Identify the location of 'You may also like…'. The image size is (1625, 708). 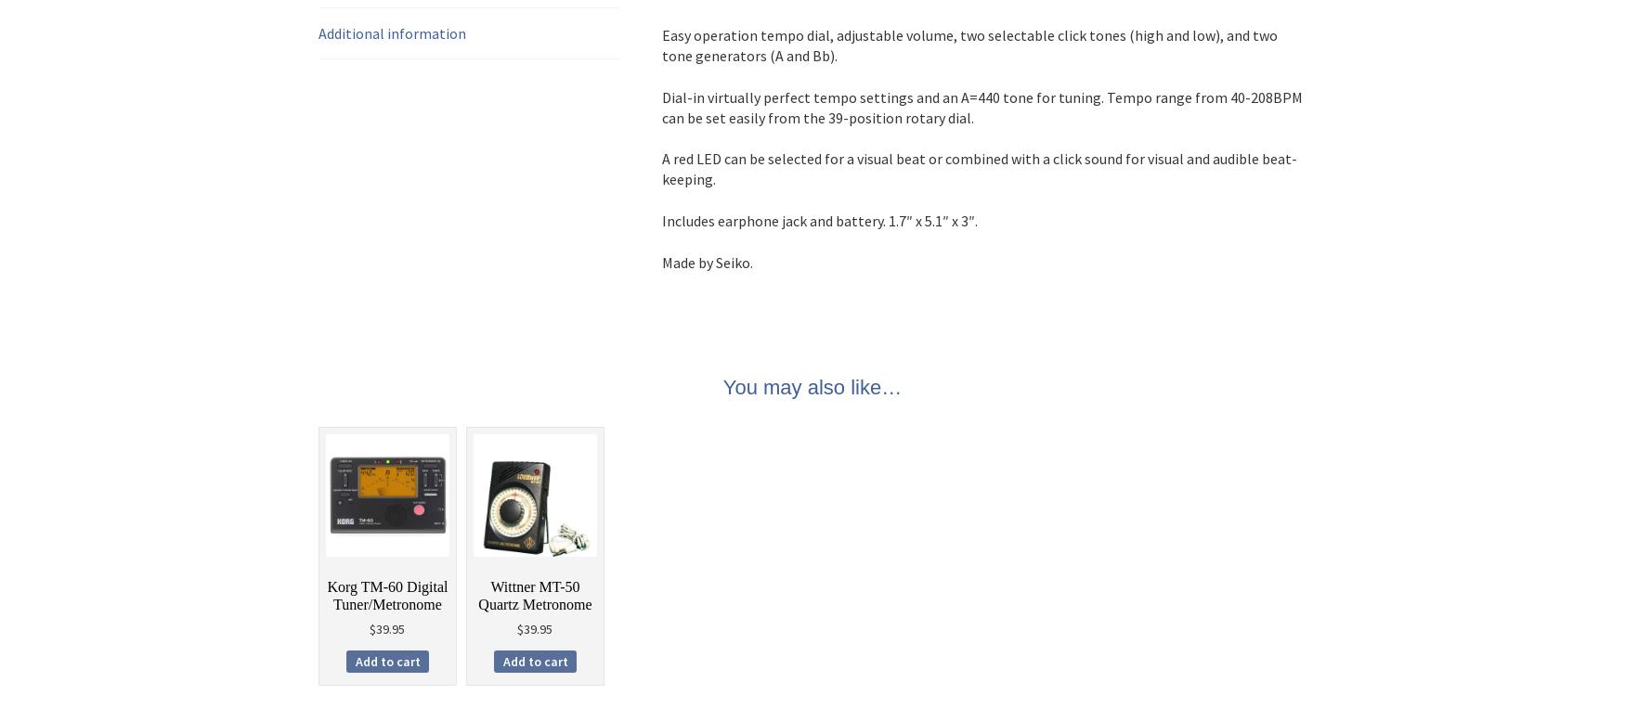
(812, 386).